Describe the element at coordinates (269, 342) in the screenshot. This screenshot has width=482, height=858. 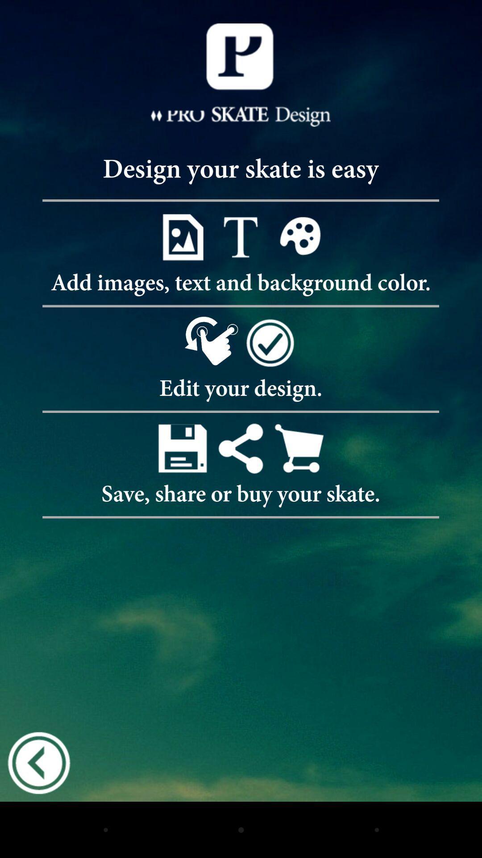
I see `complete design` at that location.